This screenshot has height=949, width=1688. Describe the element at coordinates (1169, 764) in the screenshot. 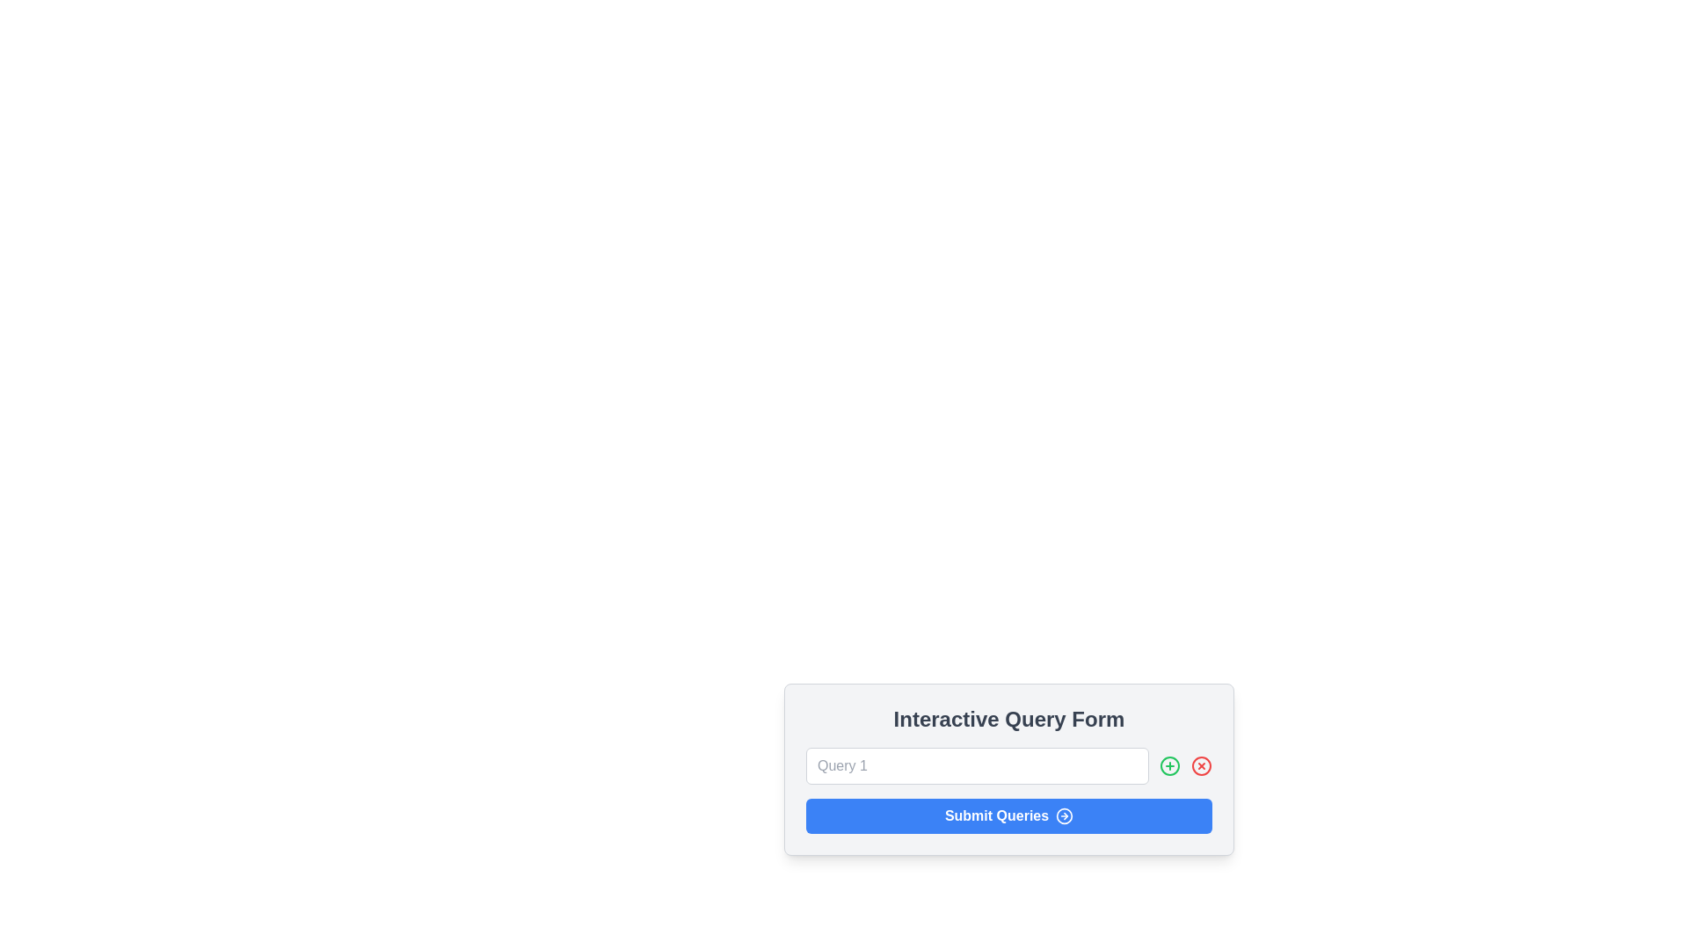

I see `the green circular button with a plus sign located to the right of the 'Query 1' text input field` at that location.